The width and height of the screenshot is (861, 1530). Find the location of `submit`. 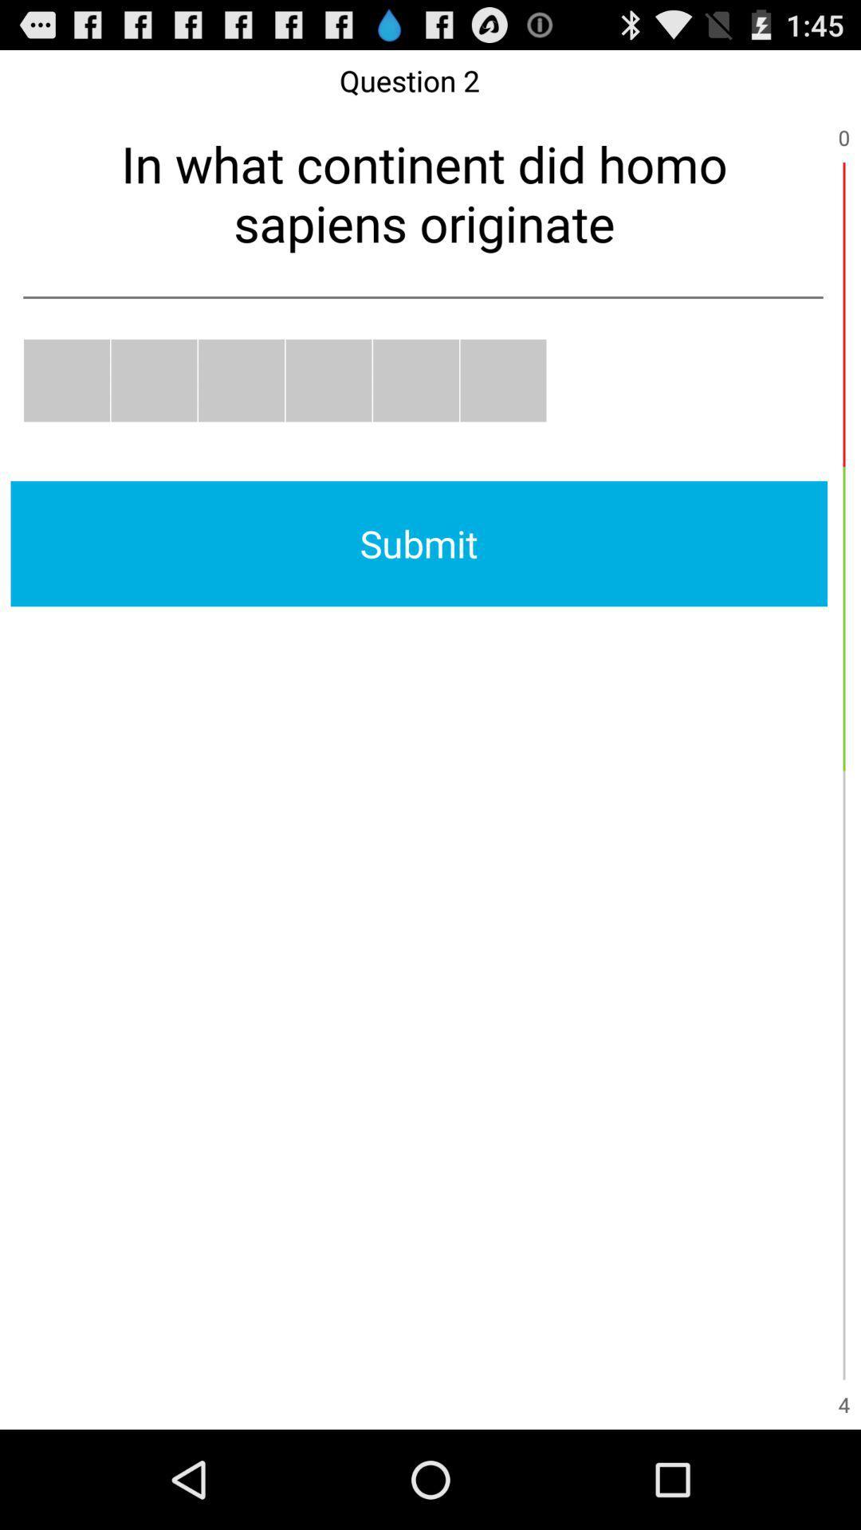

submit is located at coordinates (418, 543).